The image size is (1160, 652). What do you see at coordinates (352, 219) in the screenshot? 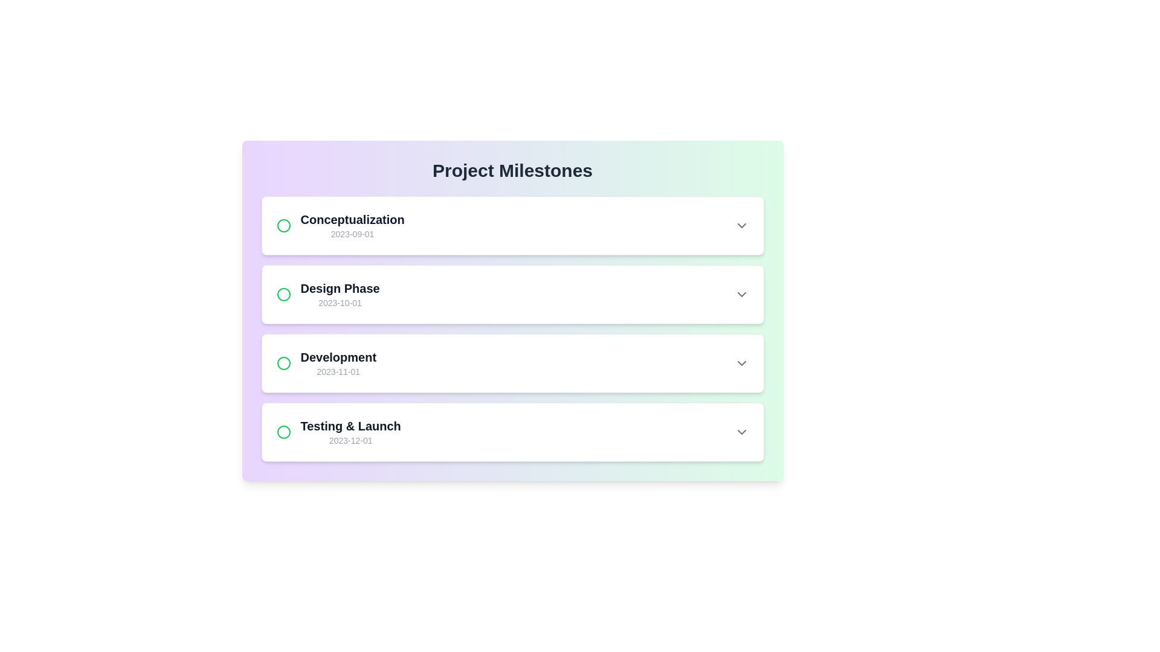
I see `the bold, black-colored text label displaying the word 'Conceptualization' at the top of the list under the section titled 'Project Milestones'` at bounding box center [352, 219].